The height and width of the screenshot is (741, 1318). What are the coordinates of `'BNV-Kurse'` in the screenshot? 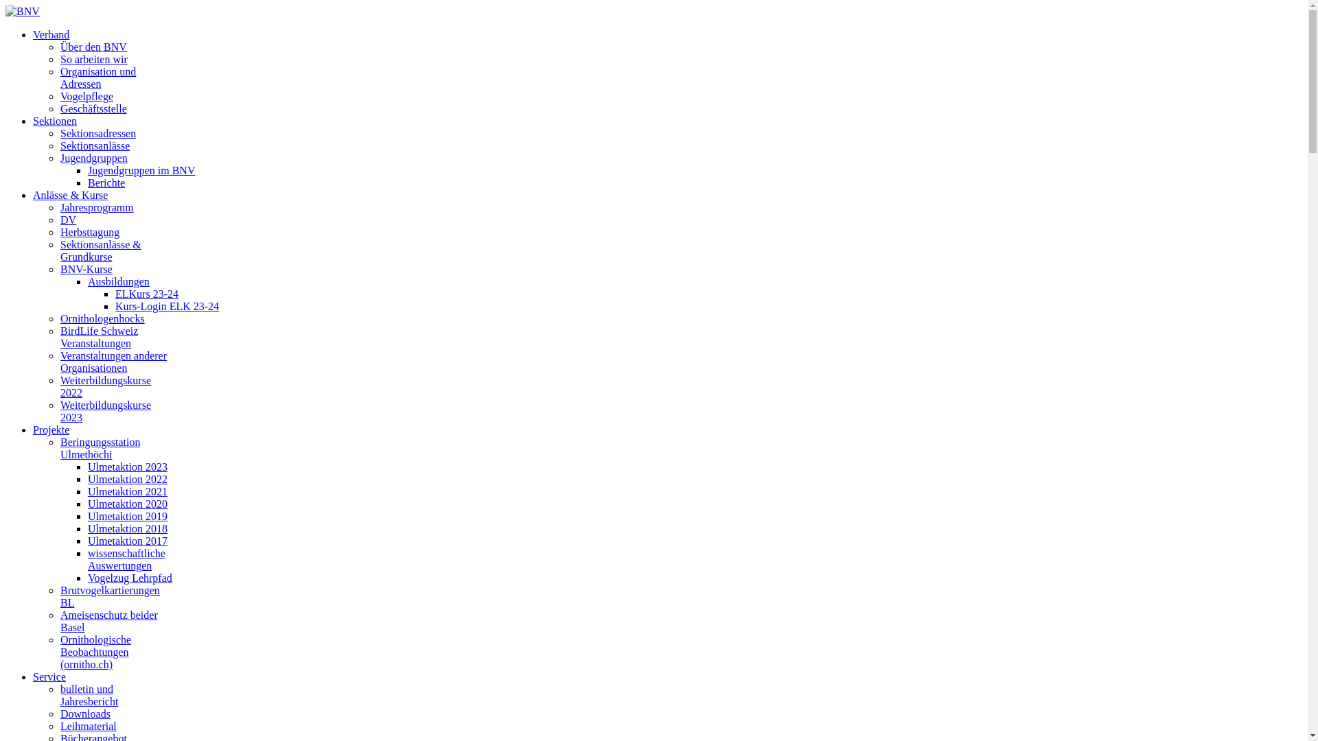 It's located at (85, 269).